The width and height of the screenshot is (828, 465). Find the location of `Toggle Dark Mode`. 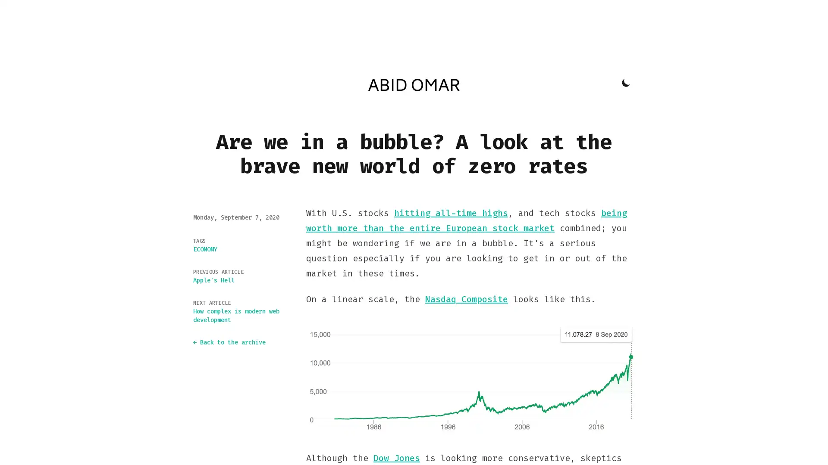

Toggle Dark Mode is located at coordinates (626, 83).